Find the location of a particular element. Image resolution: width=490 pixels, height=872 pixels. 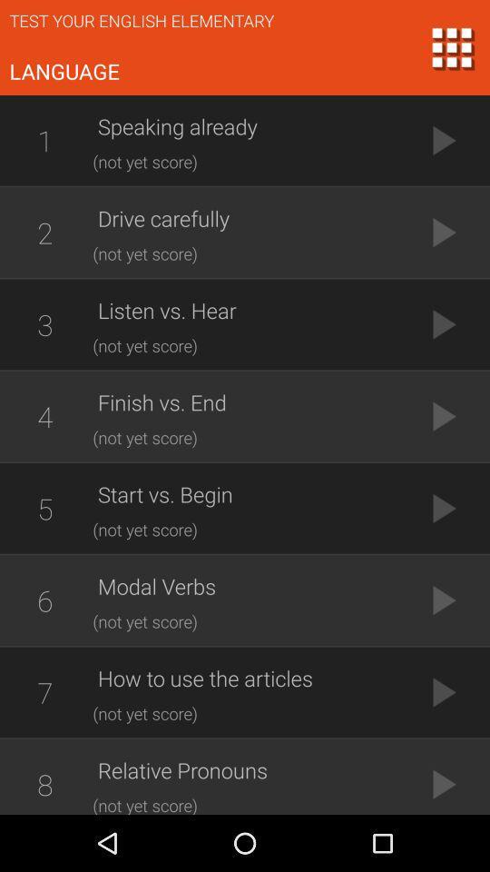

the icon below 5 is located at coordinates (44, 600).